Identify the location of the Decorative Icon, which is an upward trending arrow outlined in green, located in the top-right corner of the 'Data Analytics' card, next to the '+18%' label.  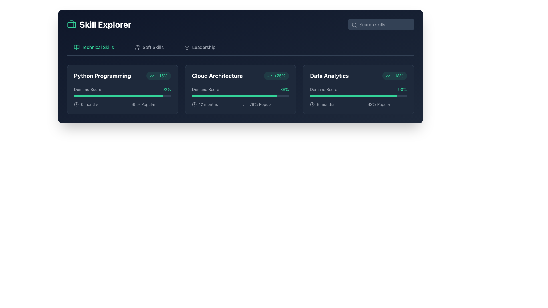
(388, 76).